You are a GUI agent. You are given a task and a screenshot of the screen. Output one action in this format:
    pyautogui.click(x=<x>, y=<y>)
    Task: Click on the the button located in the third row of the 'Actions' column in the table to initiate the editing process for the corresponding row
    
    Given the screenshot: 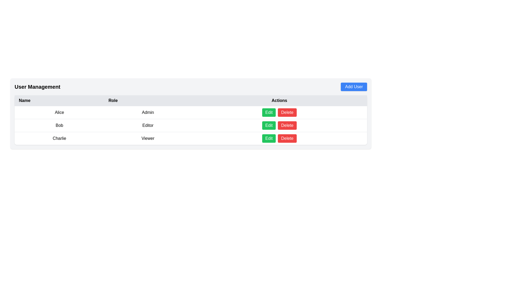 What is the action you would take?
    pyautogui.click(x=269, y=138)
    